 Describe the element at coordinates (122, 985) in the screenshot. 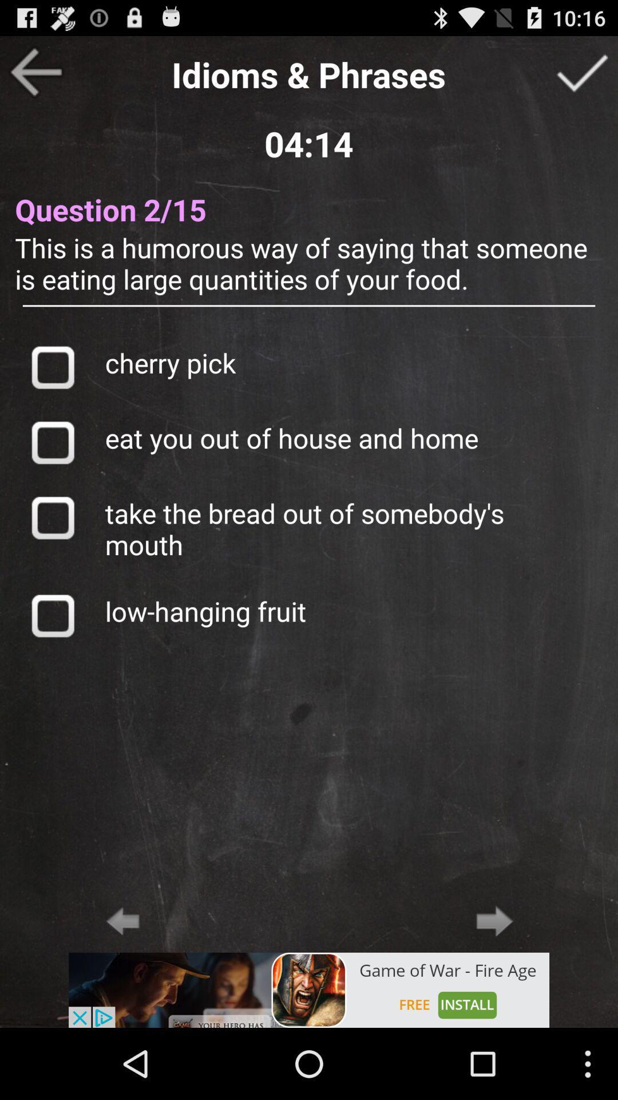

I see `the arrow_backward icon` at that location.